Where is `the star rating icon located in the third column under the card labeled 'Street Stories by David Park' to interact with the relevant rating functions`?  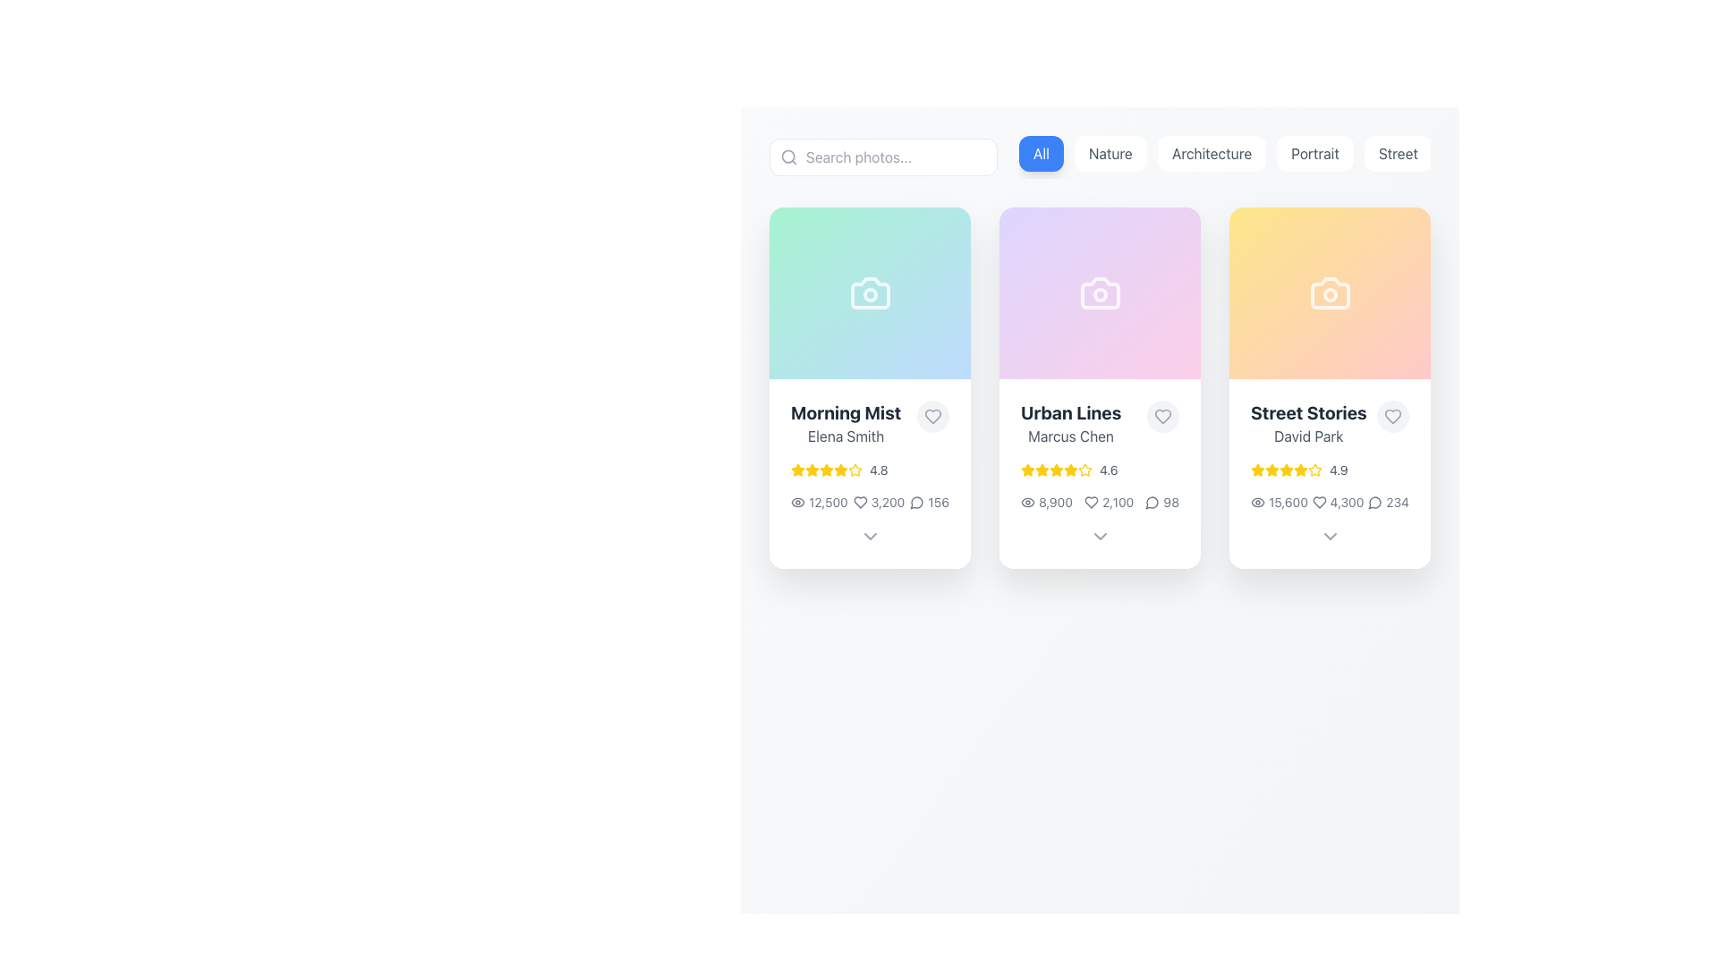 the star rating icon located in the third column under the card labeled 'Street Stories by David Park' to interact with the relevant rating functions is located at coordinates (1286, 469).